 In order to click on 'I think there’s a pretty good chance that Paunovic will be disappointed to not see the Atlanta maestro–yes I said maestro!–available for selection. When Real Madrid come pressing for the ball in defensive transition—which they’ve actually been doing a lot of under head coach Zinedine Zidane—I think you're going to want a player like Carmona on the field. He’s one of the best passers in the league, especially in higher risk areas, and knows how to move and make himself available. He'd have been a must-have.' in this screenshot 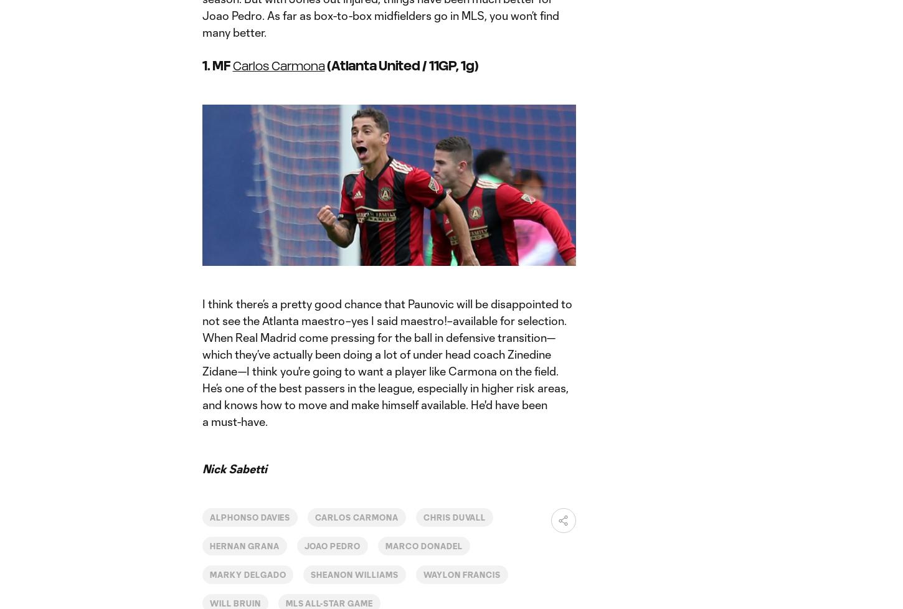, I will do `click(387, 362)`.